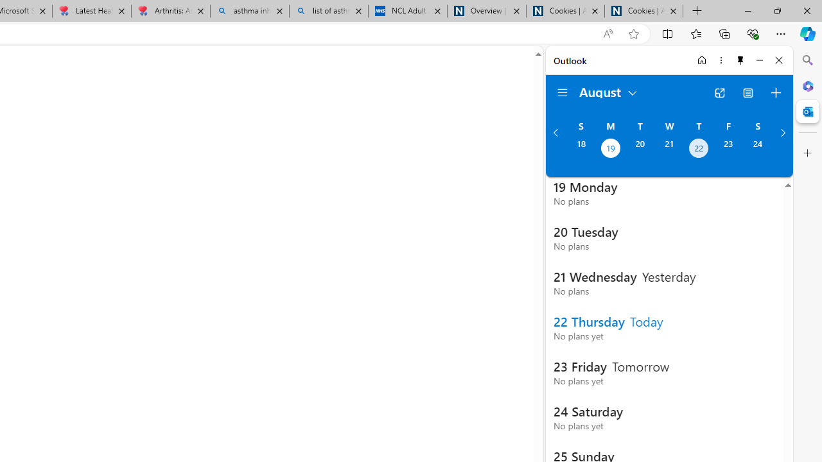 Image resolution: width=822 pixels, height=462 pixels. Describe the element at coordinates (250, 11) in the screenshot. I see `'asthma inhaler - Search'` at that location.